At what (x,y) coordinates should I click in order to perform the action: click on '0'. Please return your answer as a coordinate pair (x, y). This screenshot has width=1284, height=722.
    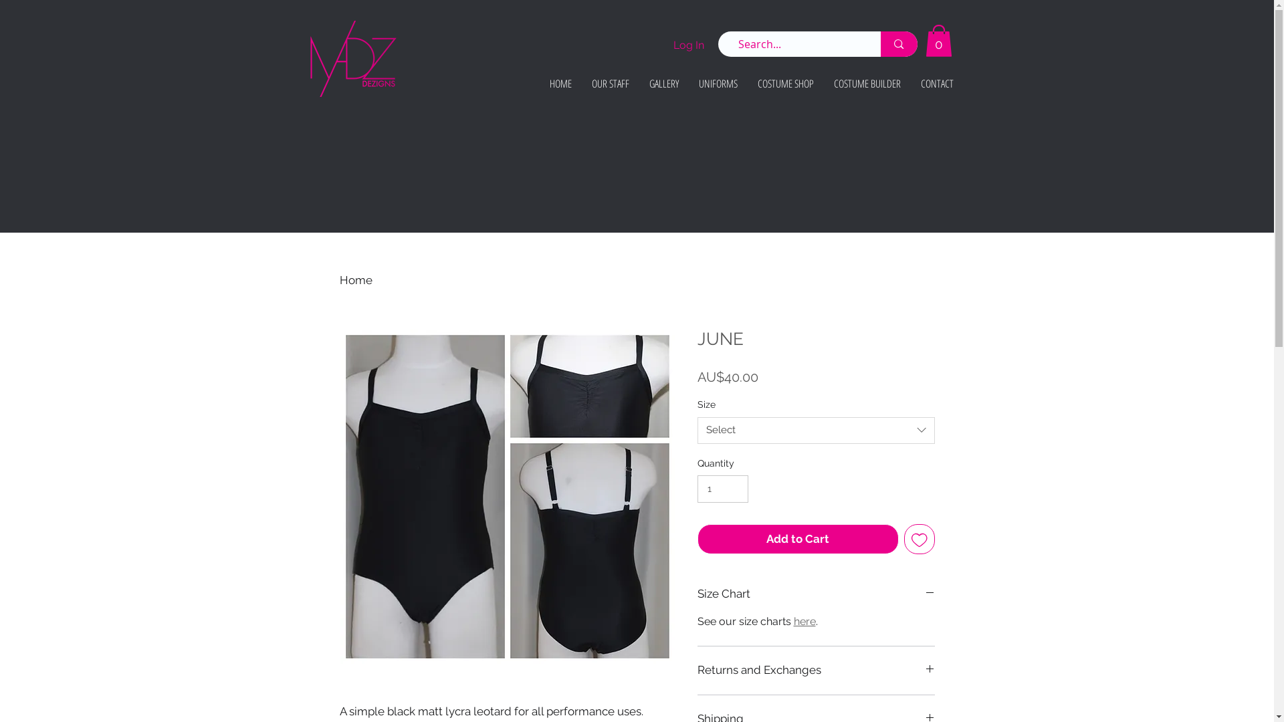
    Looking at the image, I should click on (938, 40).